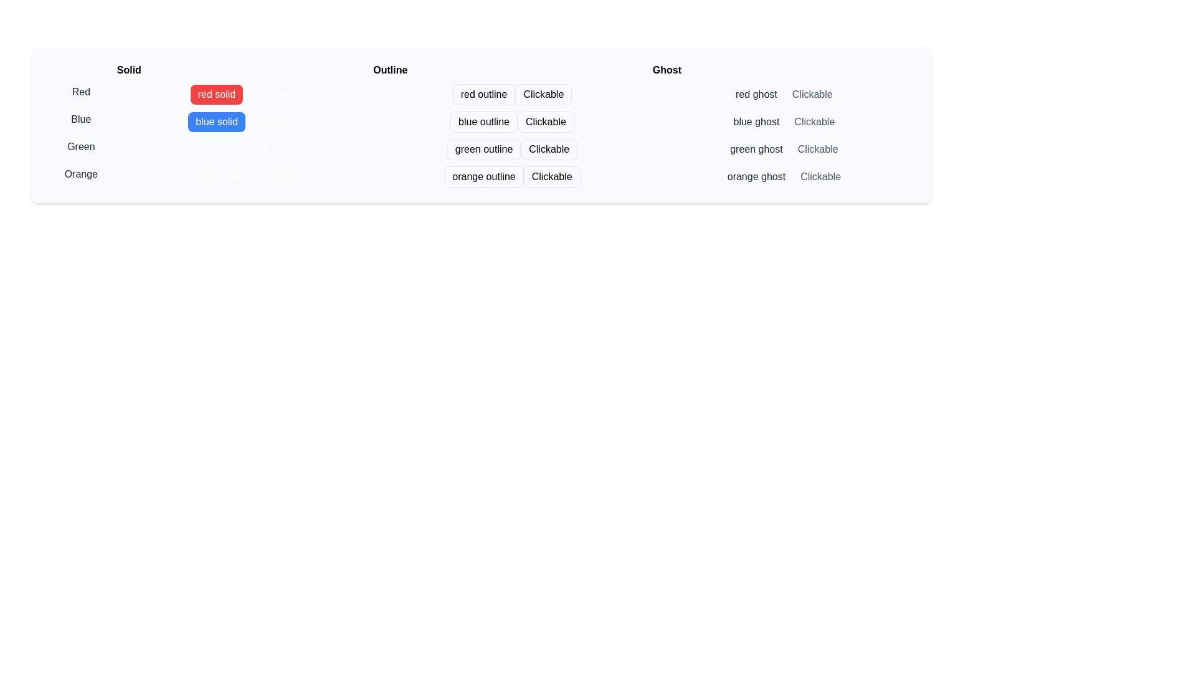 This screenshot has width=1196, height=673. What do you see at coordinates (480, 174) in the screenshot?
I see `the label that indicates 'orange outline' in the second entry of the 'Outline' column in the table` at bounding box center [480, 174].